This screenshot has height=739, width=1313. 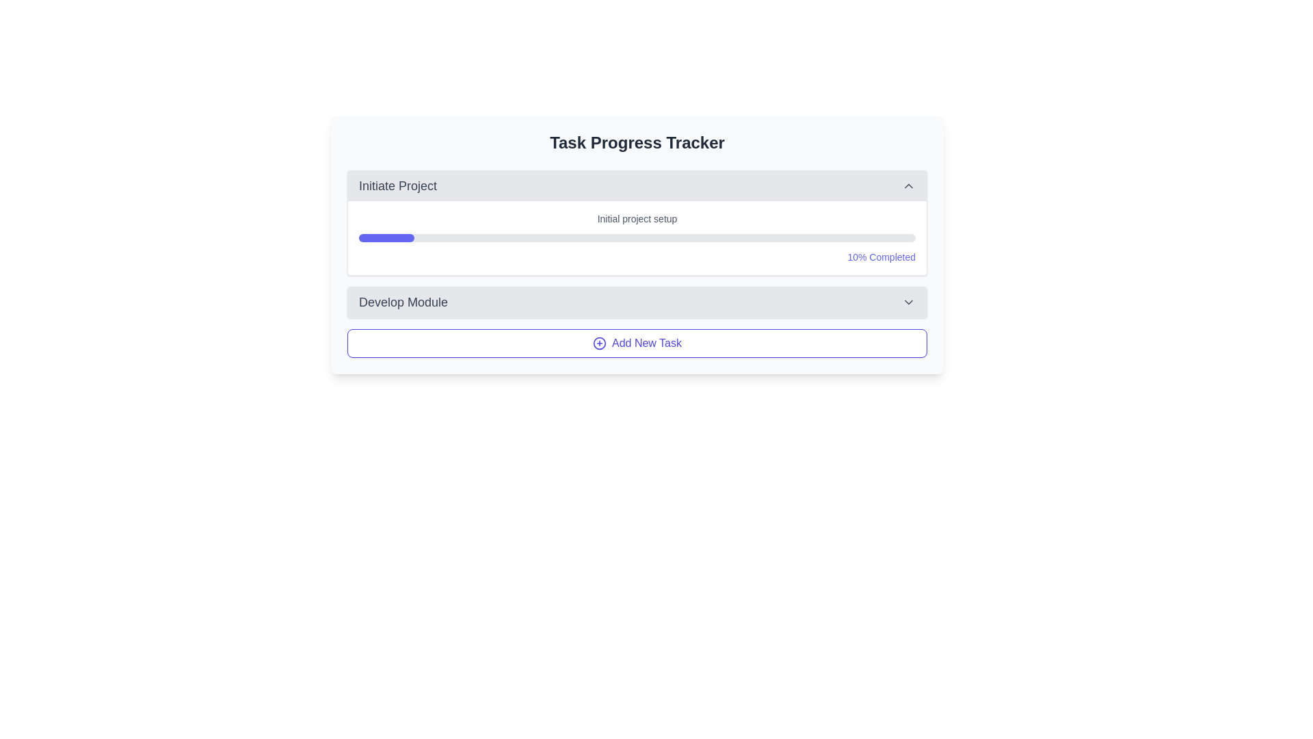 I want to click on the chevron icon located at the far right edge of the 'Develop Module' header section, so click(x=909, y=302).